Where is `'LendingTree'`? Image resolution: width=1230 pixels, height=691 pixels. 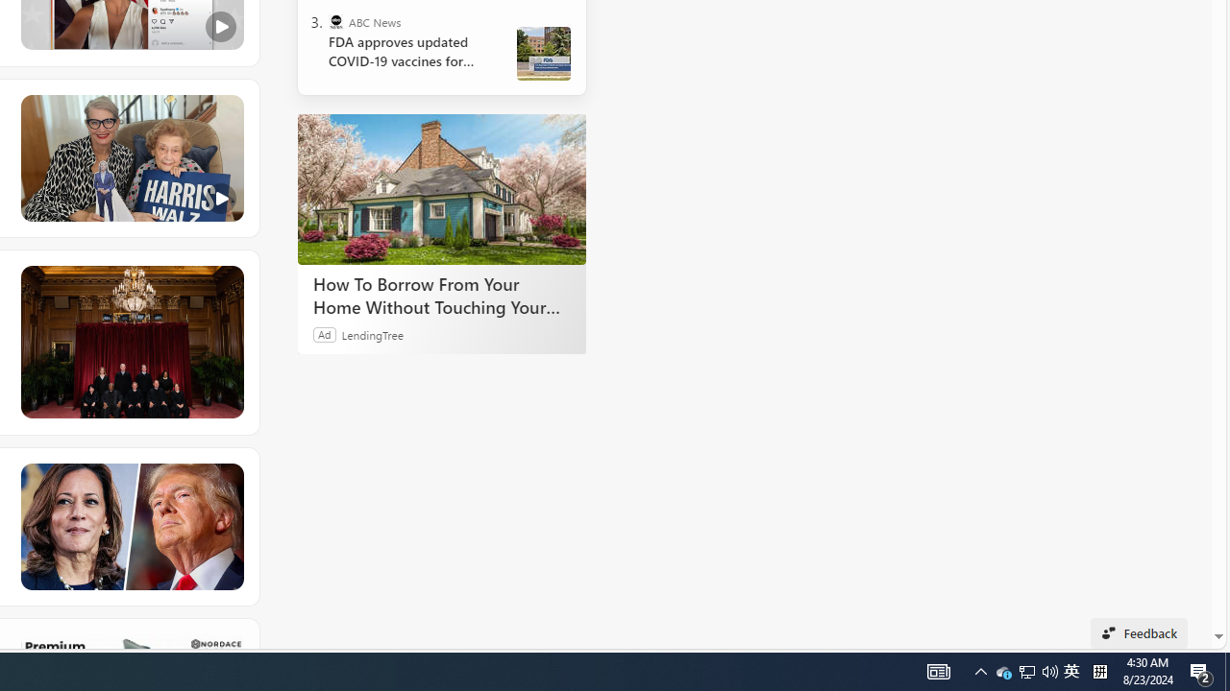
'LendingTree' is located at coordinates (372, 333).